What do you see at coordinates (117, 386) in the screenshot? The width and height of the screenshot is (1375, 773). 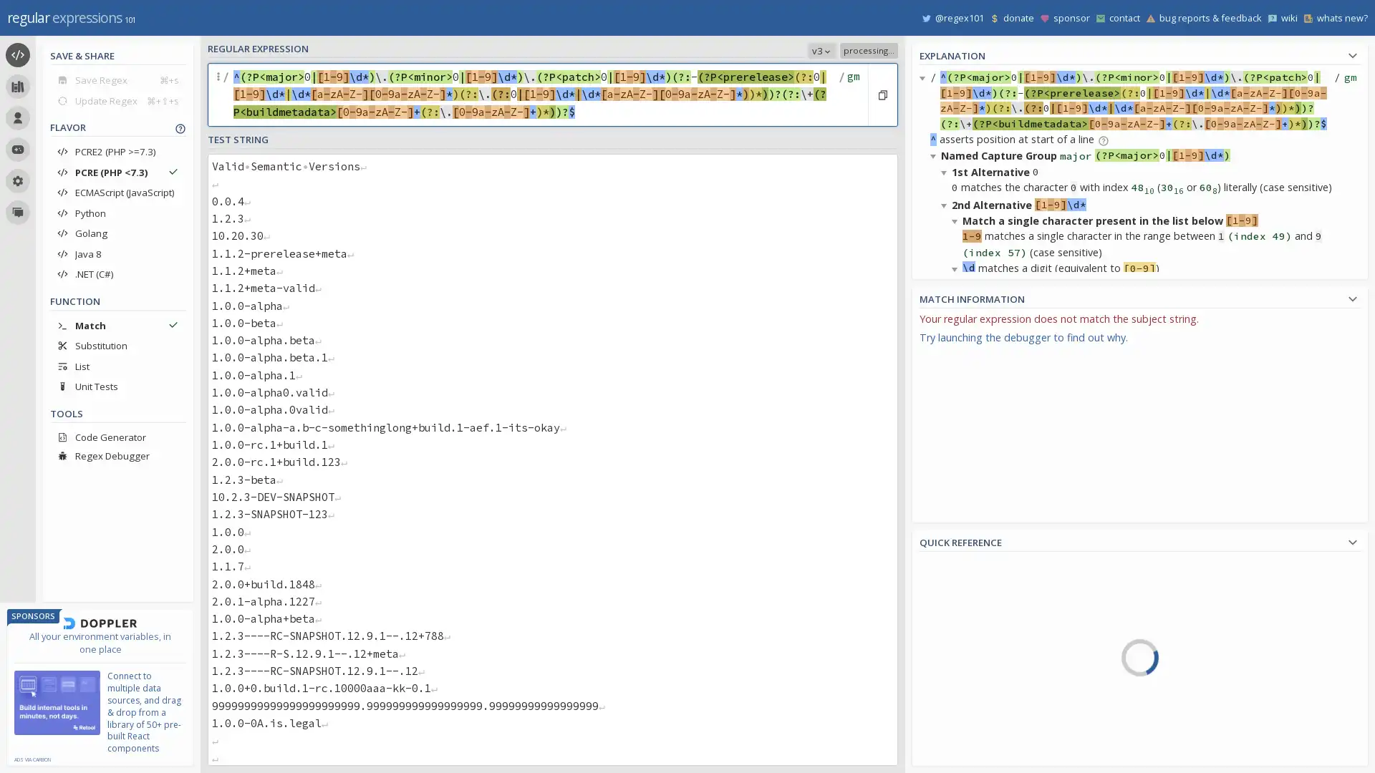 I see `Unit Tests` at bounding box center [117, 386].